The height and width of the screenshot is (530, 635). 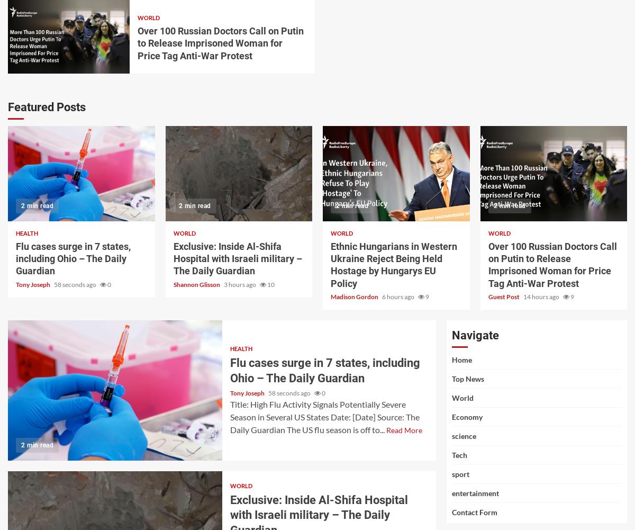 What do you see at coordinates (398, 296) in the screenshot?
I see `'6 hours ago'` at bounding box center [398, 296].